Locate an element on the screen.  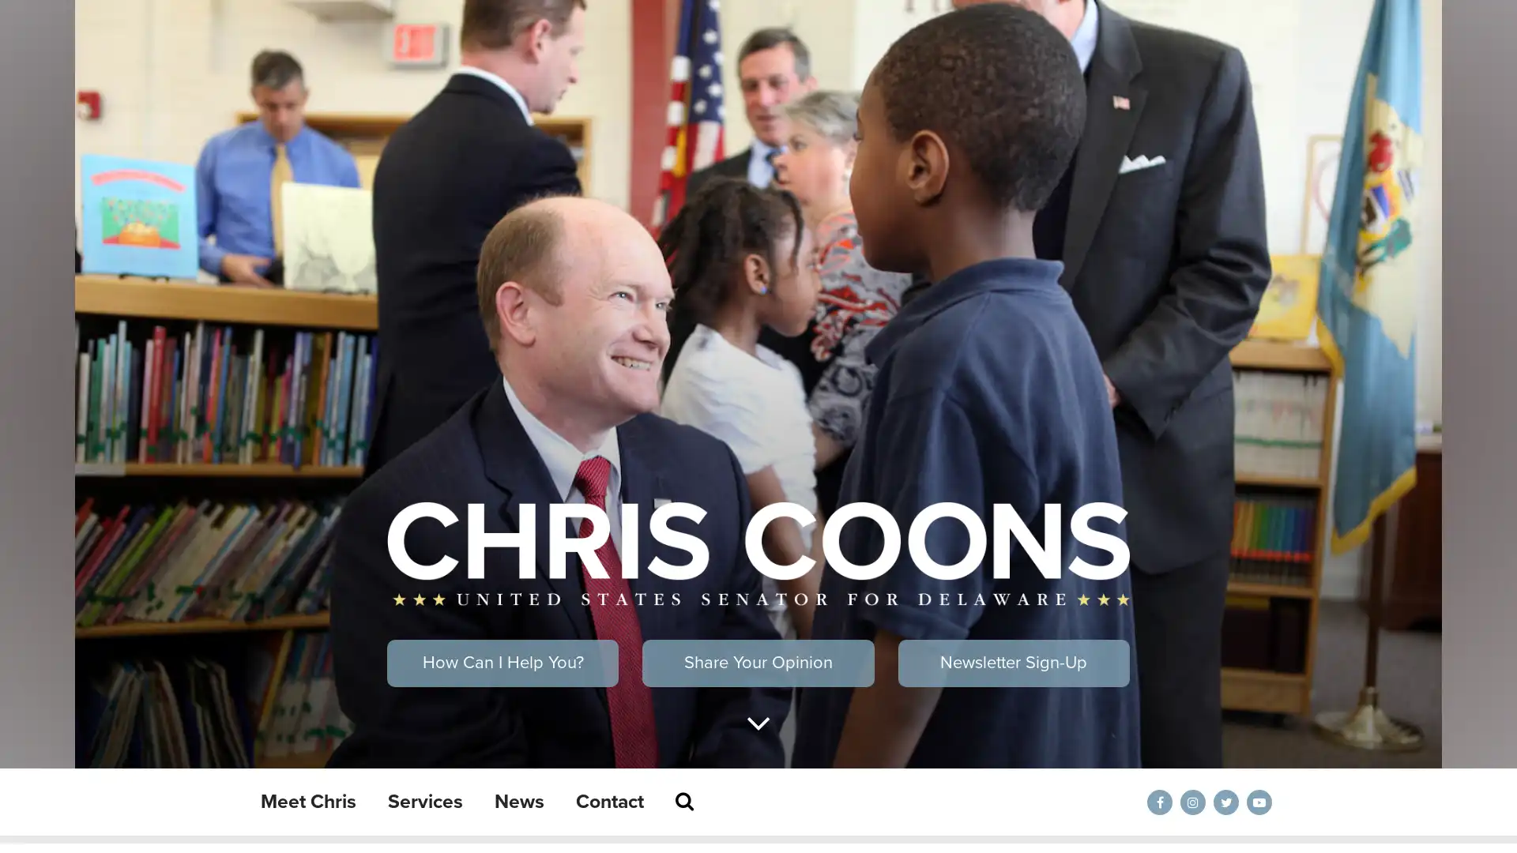
Scroll down is located at coordinates (758, 723).